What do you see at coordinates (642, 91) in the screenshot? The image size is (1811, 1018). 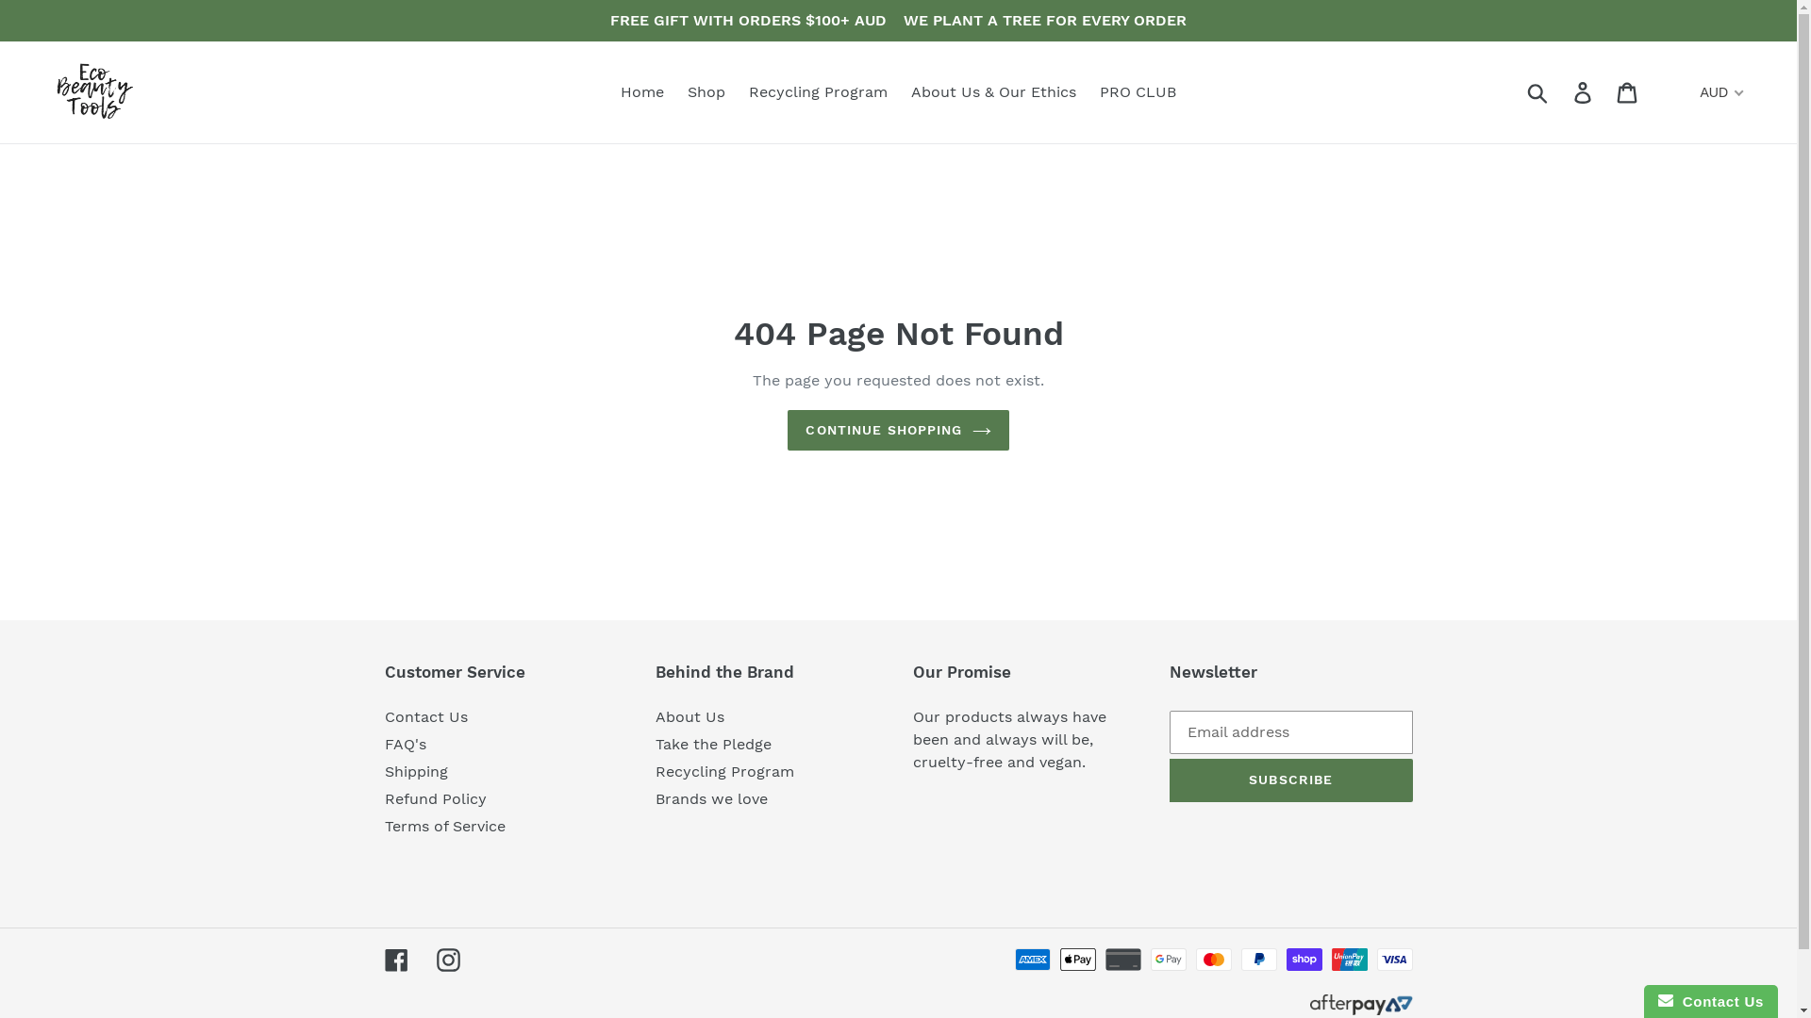 I see `'Home'` at bounding box center [642, 91].